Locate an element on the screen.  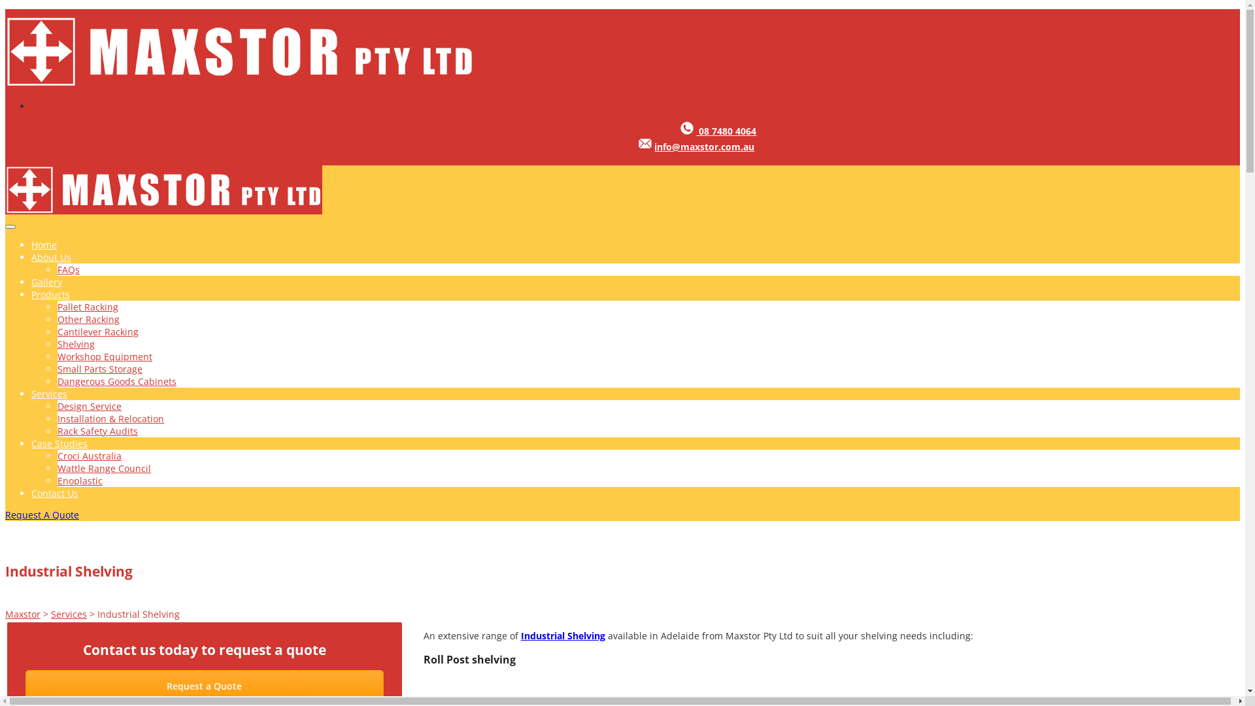
'Rack Safety Audits' is located at coordinates (97, 431).